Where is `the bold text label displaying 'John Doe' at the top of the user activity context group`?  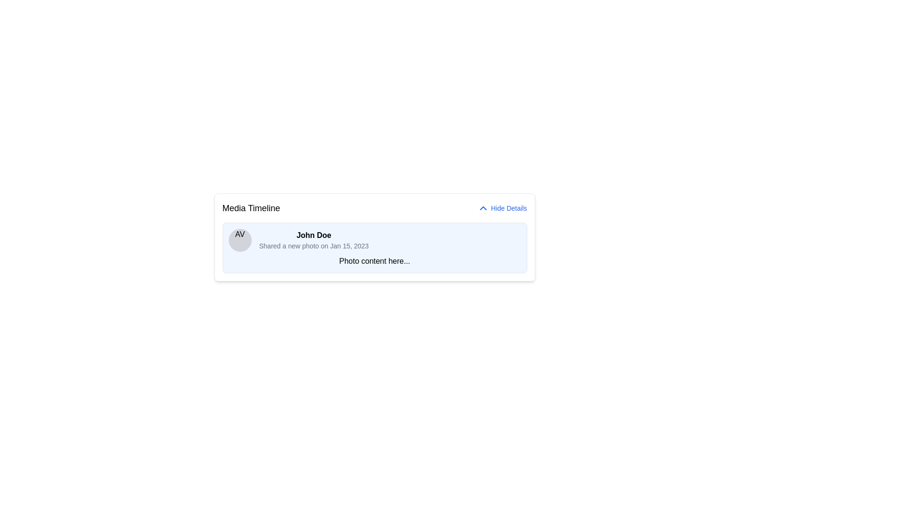
the bold text label displaying 'John Doe' at the top of the user activity context group is located at coordinates (314, 236).